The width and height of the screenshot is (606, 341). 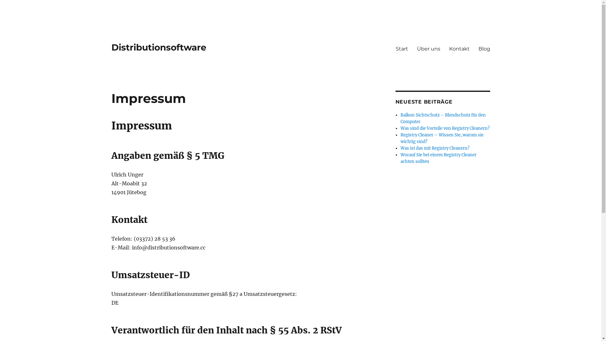 What do you see at coordinates (445, 128) in the screenshot?
I see `'Was sind die Vorteile von Registry Cleanern?'` at bounding box center [445, 128].